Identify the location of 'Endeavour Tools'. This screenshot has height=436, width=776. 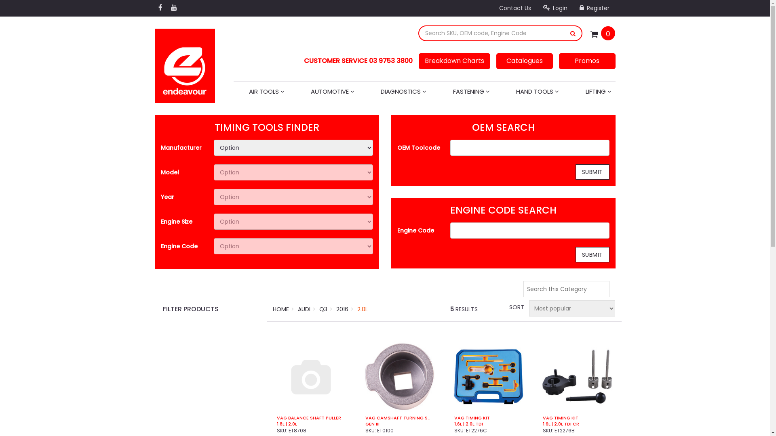
(184, 63).